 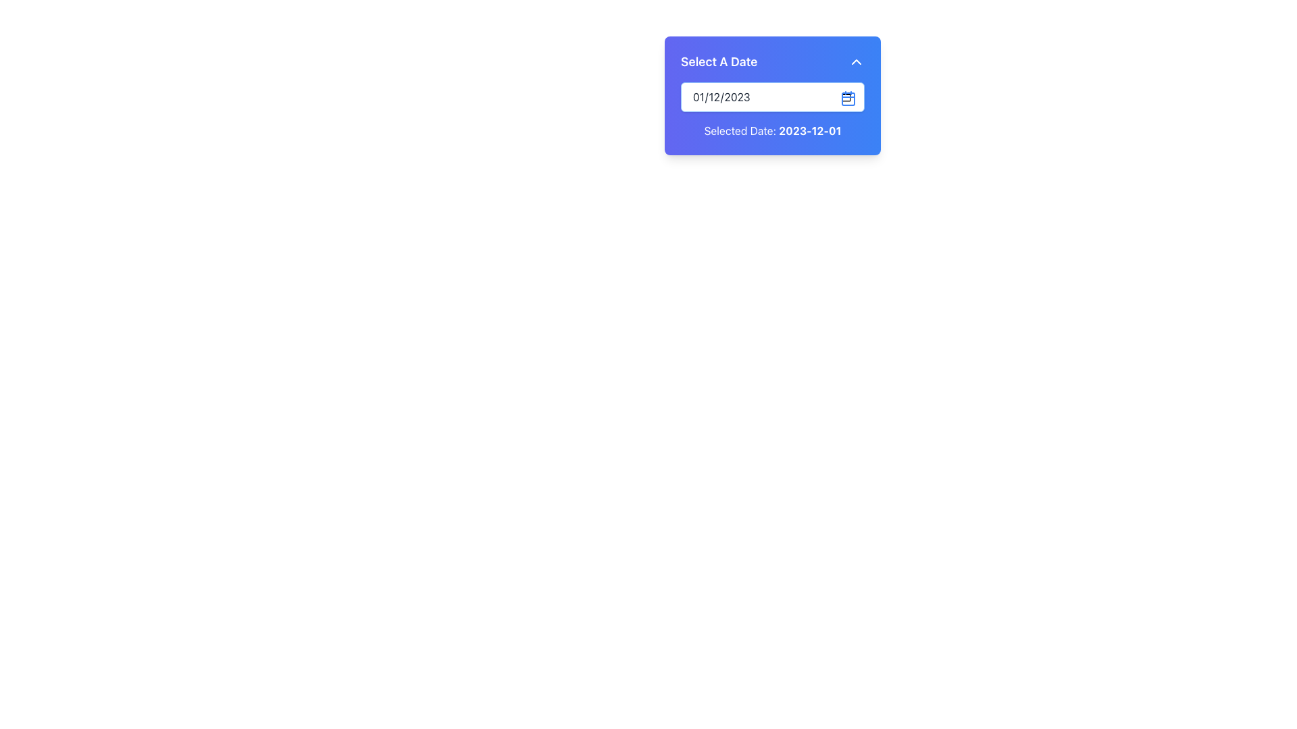 What do you see at coordinates (855, 62) in the screenshot?
I see `the small upward-pointing triangular button located at the top-right corner of the blue panel labeled 'Select A Date'` at bounding box center [855, 62].